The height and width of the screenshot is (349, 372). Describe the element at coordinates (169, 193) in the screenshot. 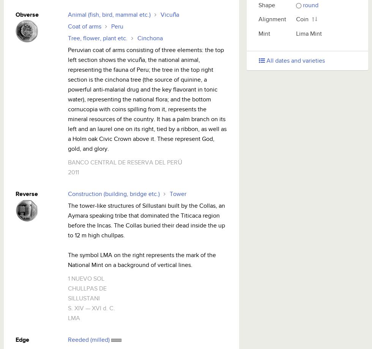

I see `'Tower'` at that location.